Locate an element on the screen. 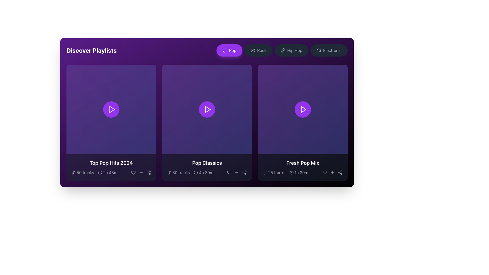 The height and width of the screenshot is (275, 489). the navigation button labeled 'Hip Hop' which is part of the navigation bar, positioned to the right of the 'Rock' button and left of the 'Electronic' button is located at coordinates (295, 50).